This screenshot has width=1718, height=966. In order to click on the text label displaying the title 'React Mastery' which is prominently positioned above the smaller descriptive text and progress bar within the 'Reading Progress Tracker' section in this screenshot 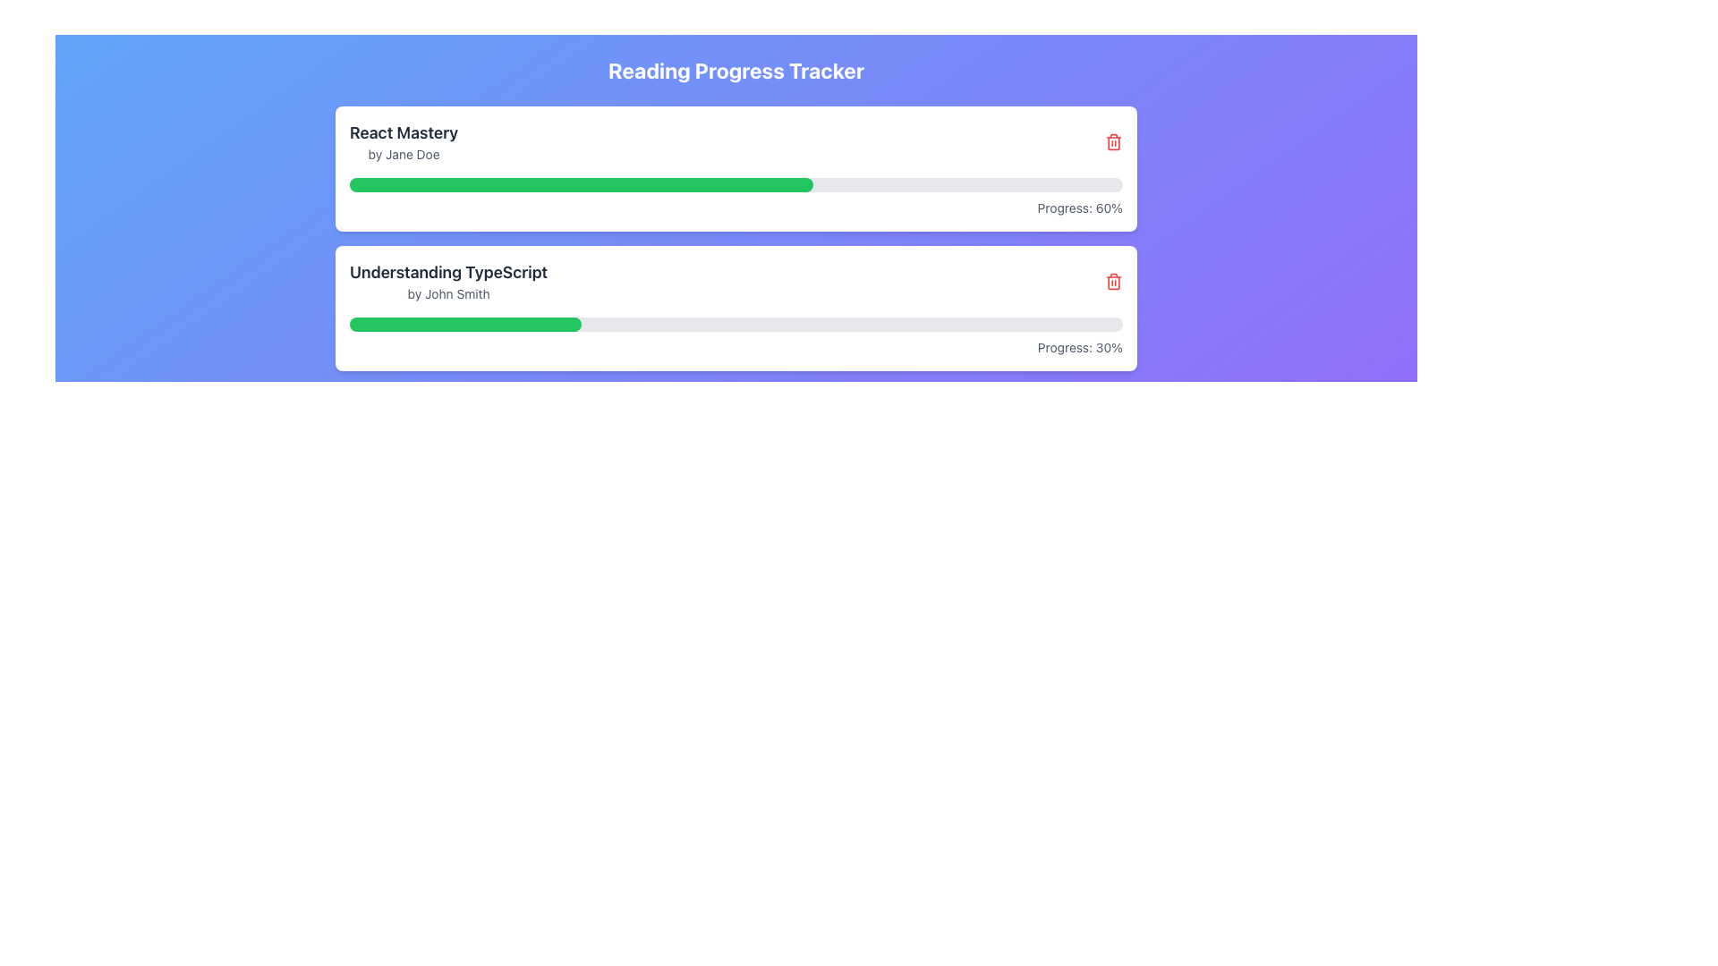, I will do `click(403, 132)`.